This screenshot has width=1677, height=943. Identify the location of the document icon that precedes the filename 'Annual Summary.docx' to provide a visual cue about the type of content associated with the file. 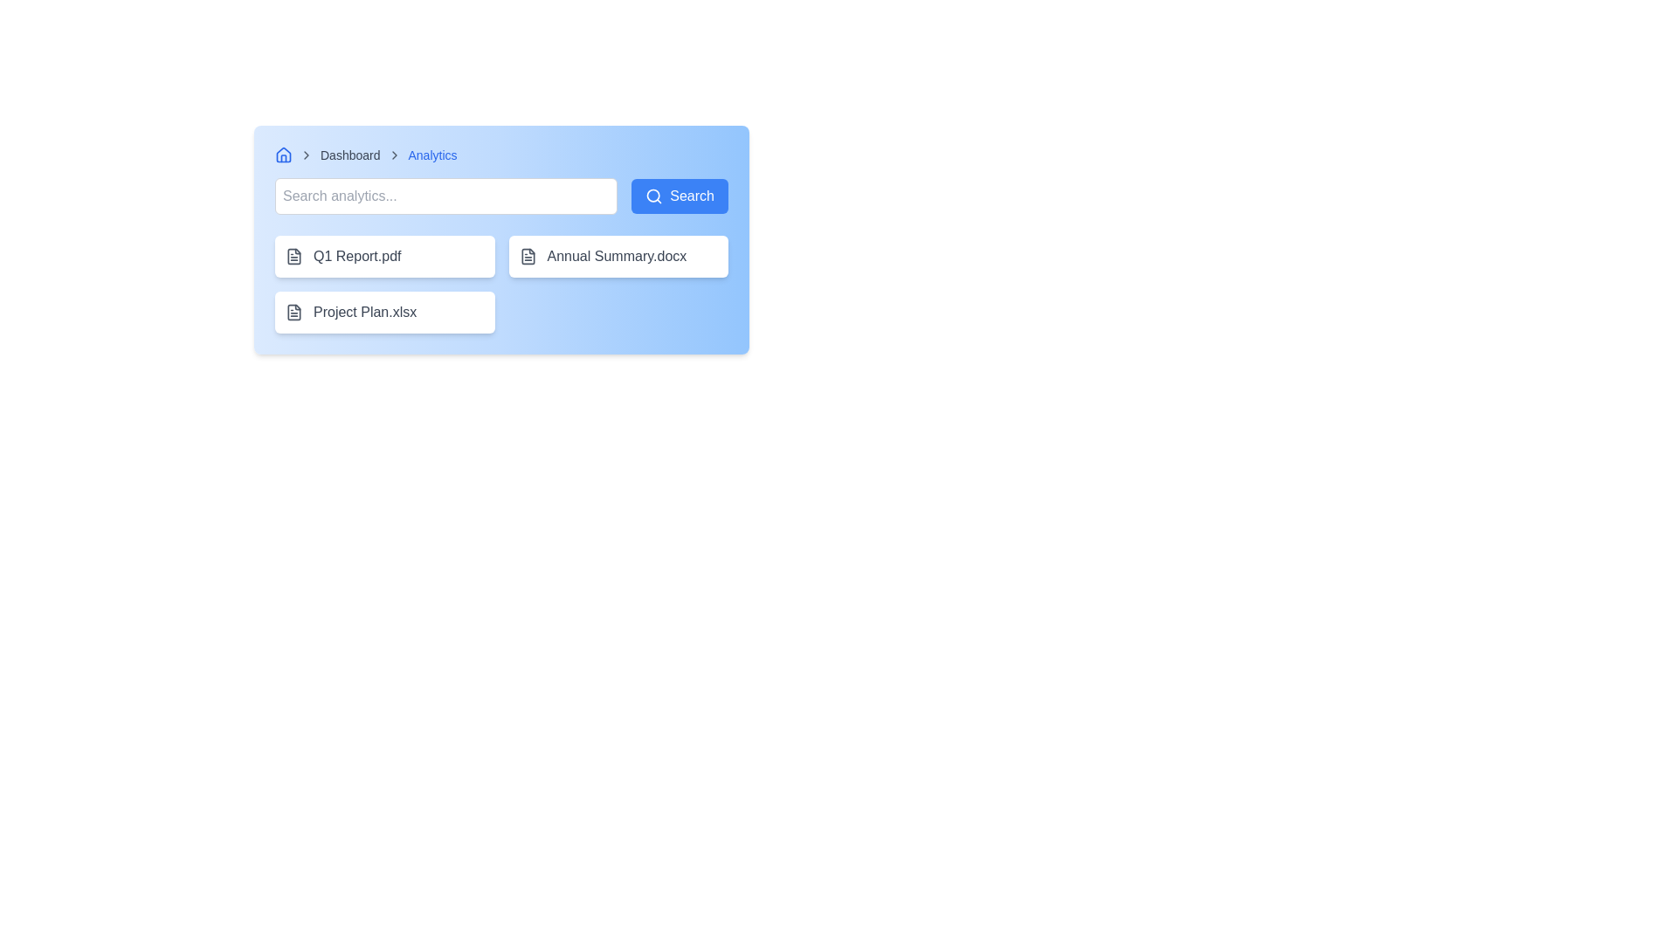
(527, 256).